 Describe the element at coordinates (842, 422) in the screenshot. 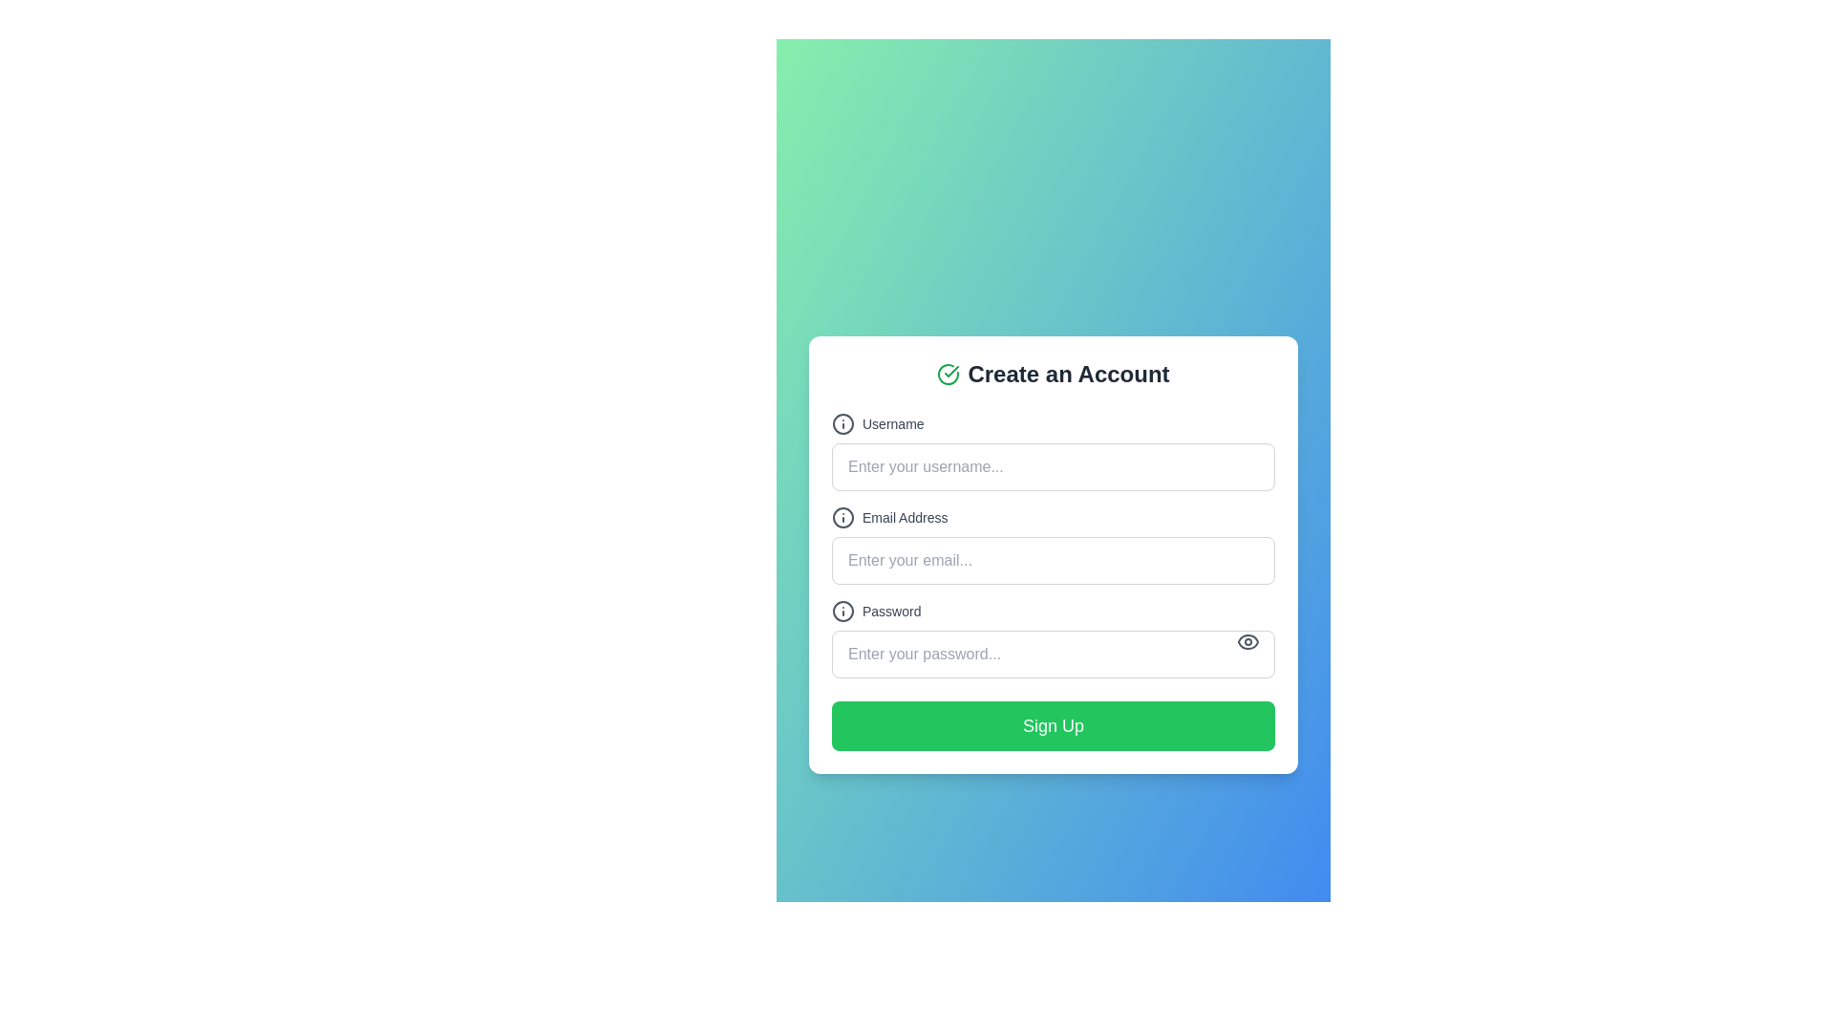

I see `the informational icon associated with the 'Username' label, which is positioned at the top left of the Username form field` at that location.